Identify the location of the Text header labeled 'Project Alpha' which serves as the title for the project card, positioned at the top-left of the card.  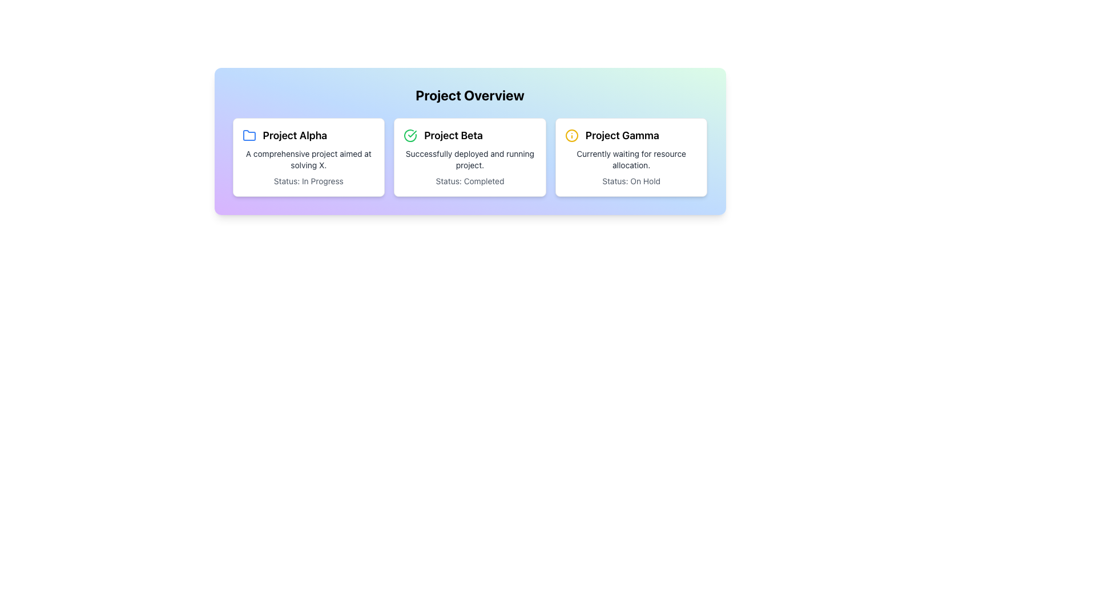
(308, 135).